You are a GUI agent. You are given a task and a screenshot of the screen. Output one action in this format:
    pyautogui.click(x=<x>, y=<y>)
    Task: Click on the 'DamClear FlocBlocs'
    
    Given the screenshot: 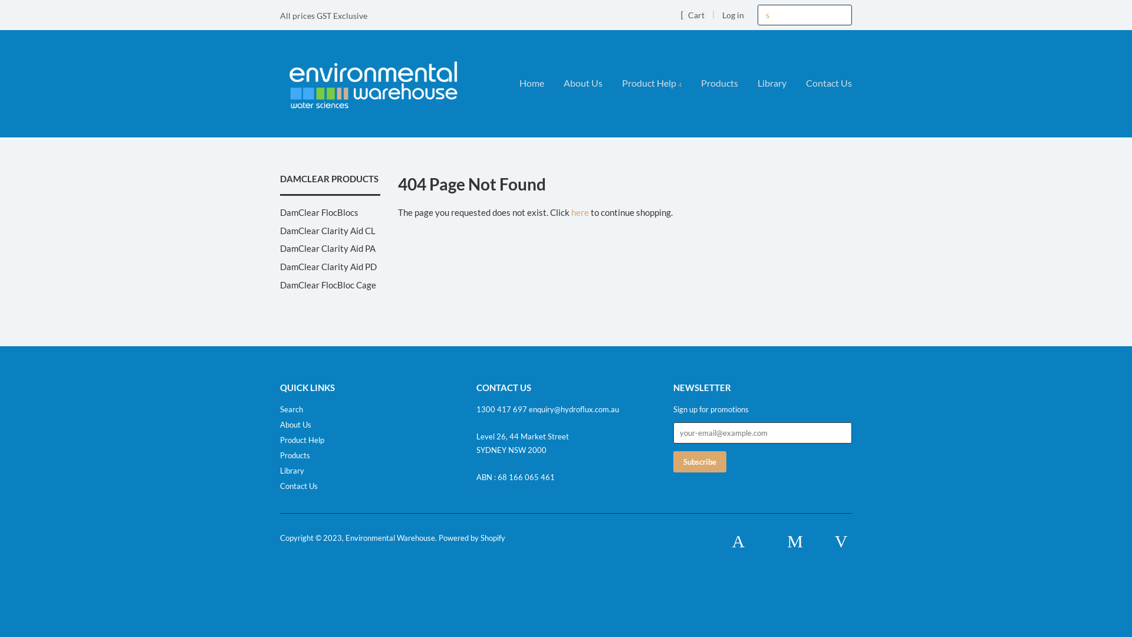 What is the action you would take?
    pyautogui.click(x=319, y=211)
    